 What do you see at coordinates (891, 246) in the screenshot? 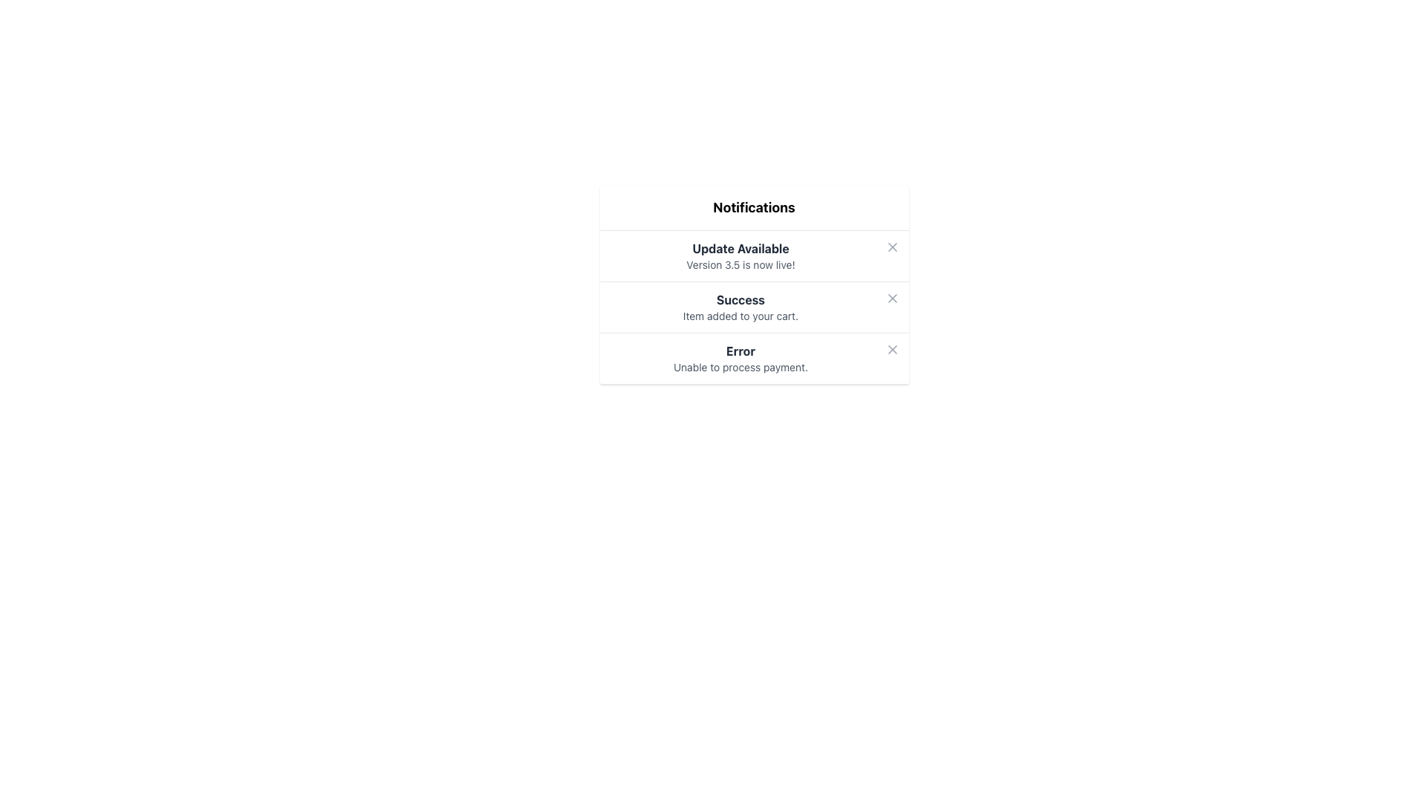
I see `the gray 'X' icon located to the far-right of the 'Update Available' notification` at bounding box center [891, 246].